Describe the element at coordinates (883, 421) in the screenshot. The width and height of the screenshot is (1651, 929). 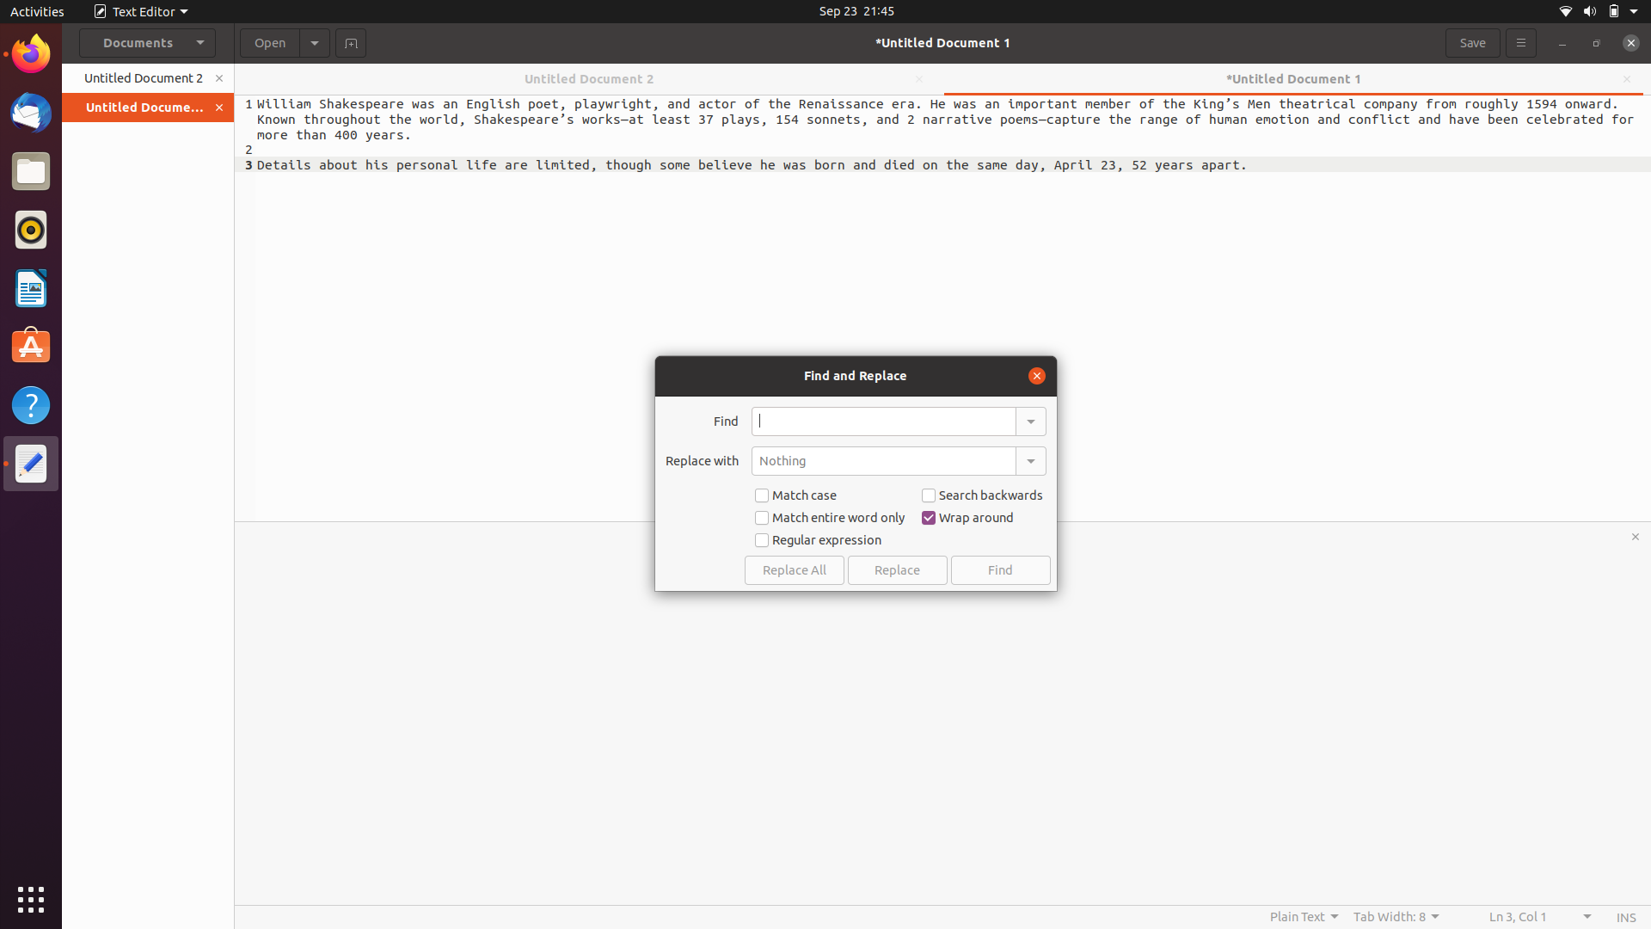
I see `Search for the word "python" in the file and replace it with "java"` at that location.